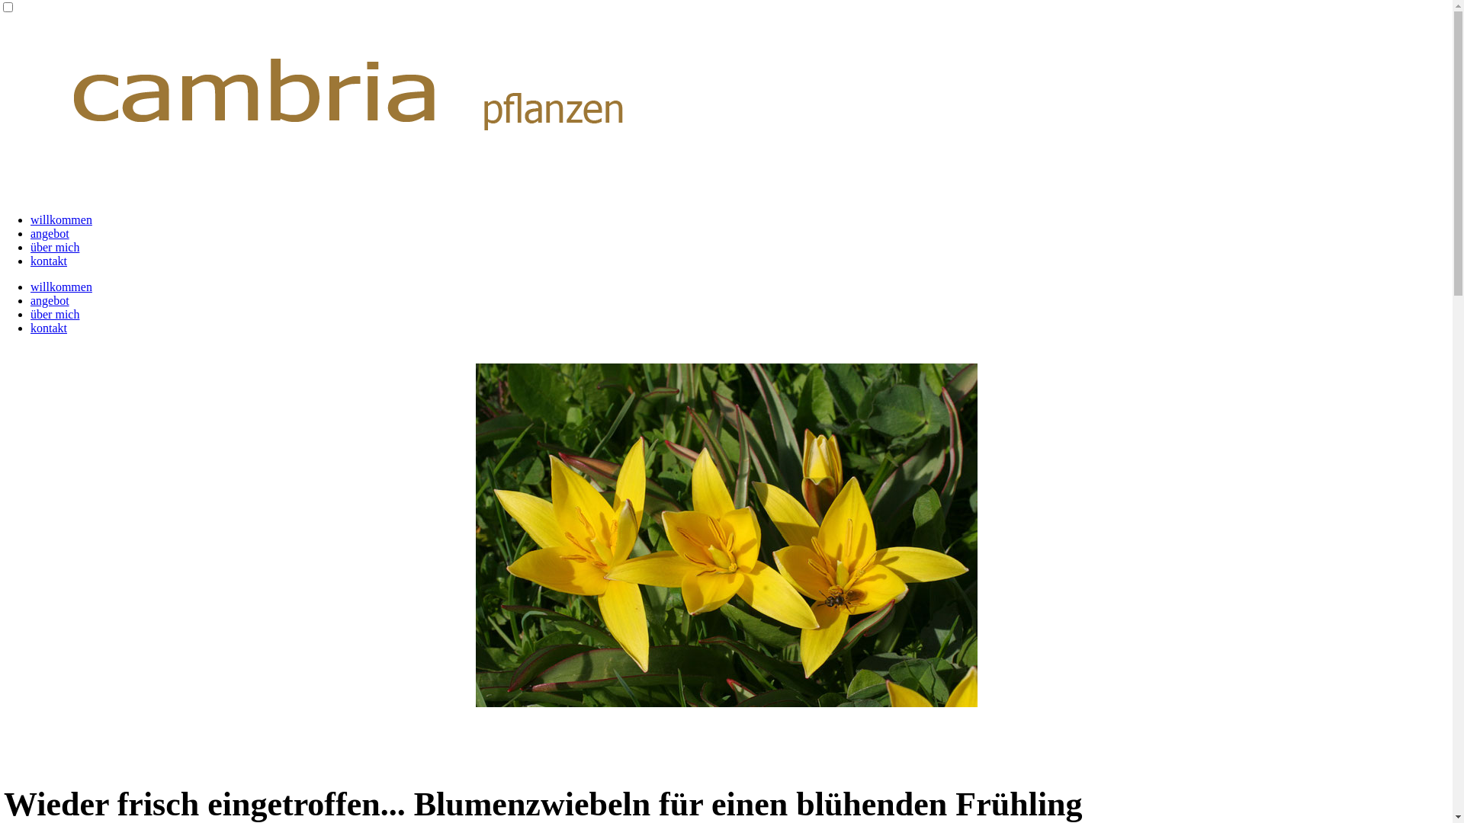 Image resolution: width=1464 pixels, height=823 pixels. Describe the element at coordinates (50, 233) in the screenshot. I see `'angebot'` at that location.